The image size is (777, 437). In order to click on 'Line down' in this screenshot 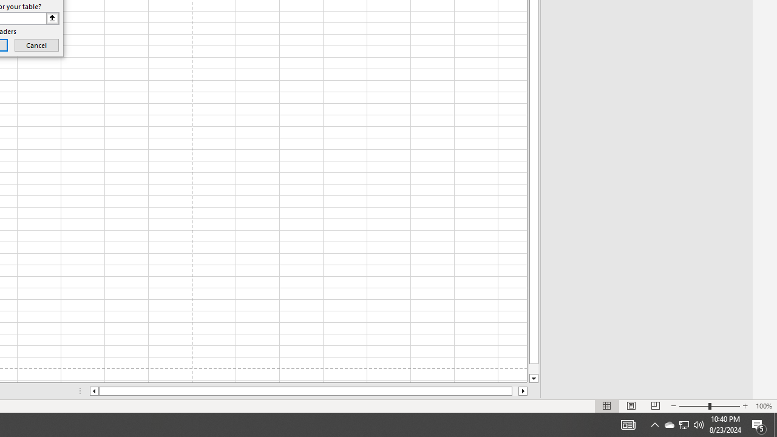, I will do `click(534, 378)`.